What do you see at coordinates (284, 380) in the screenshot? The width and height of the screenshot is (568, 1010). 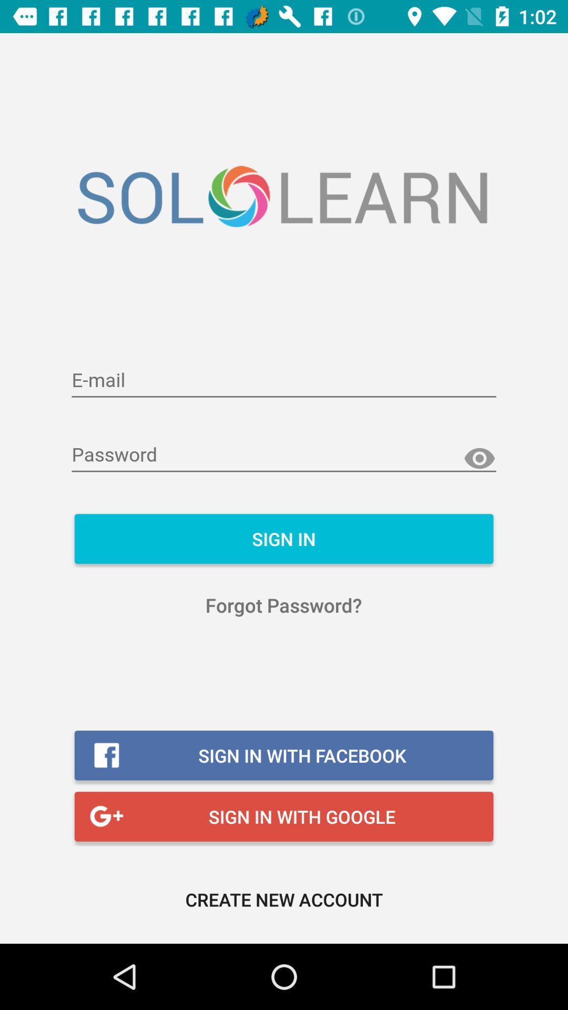 I see `put your email` at bounding box center [284, 380].